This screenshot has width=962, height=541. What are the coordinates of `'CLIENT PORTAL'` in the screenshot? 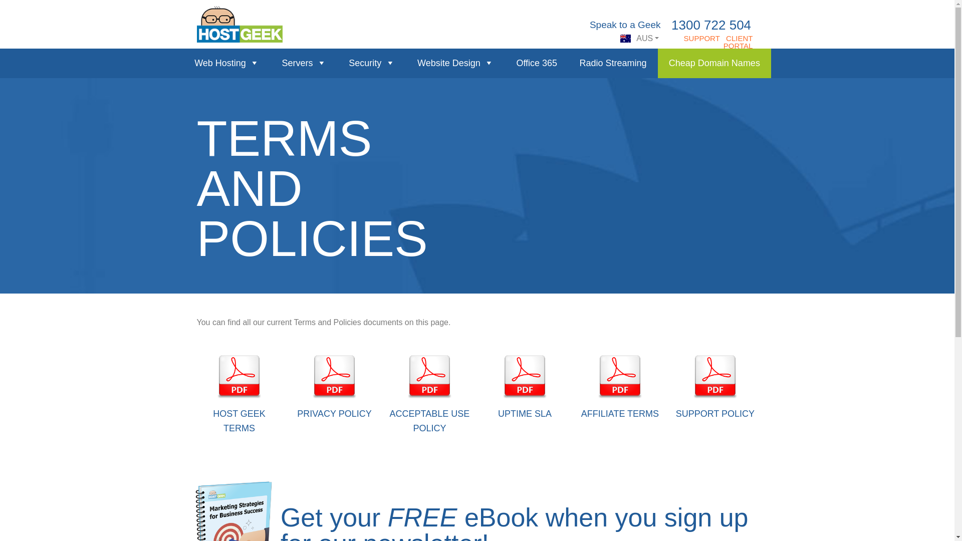 It's located at (738, 42).